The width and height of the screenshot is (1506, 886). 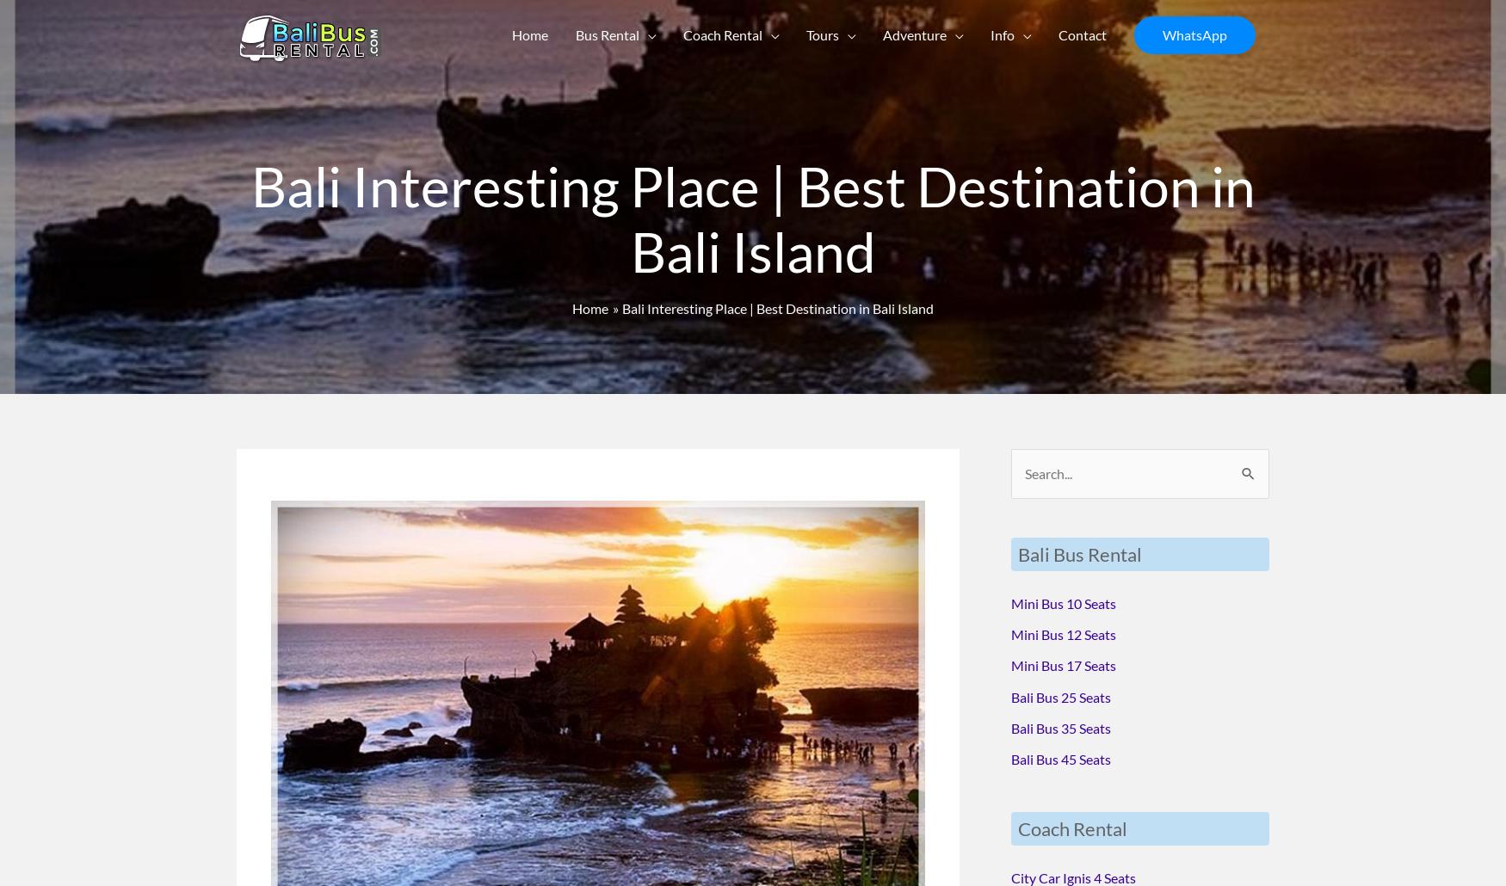 What do you see at coordinates (1064, 603) in the screenshot?
I see `'Mini Bus 10 Seats'` at bounding box center [1064, 603].